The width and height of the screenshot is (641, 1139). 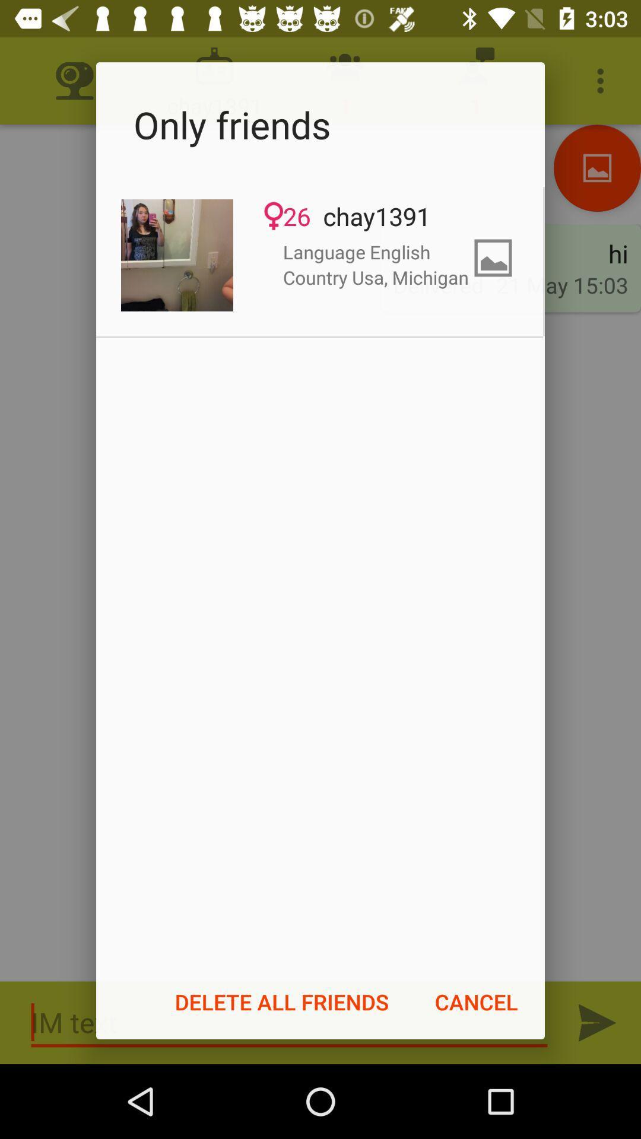 I want to click on the delete all friends icon, so click(x=282, y=1001).